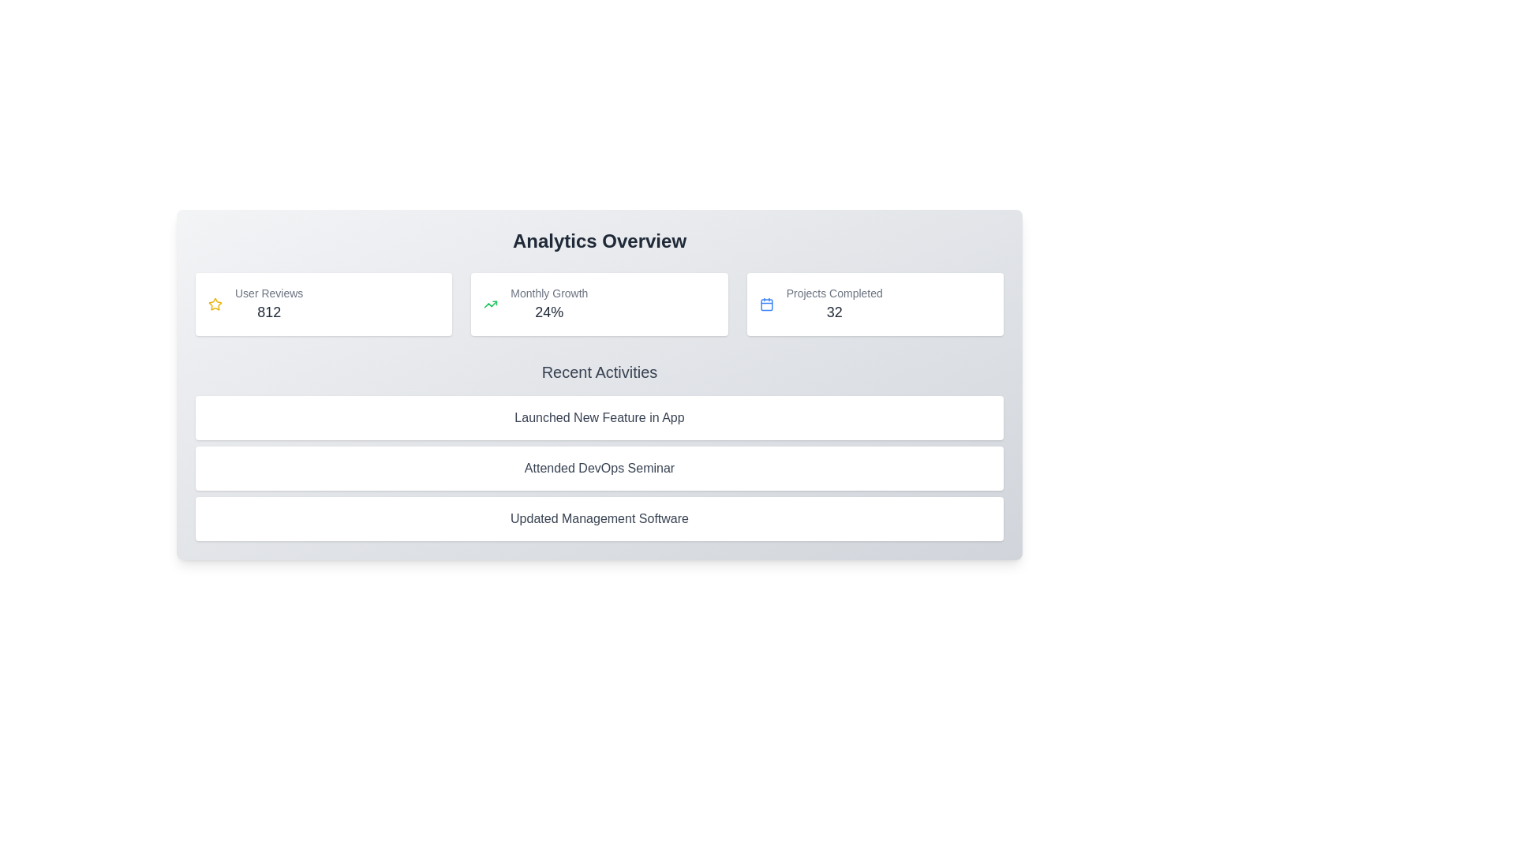  What do you see at coordinates (490, 304) in the screenshot?
I see `the upward growth trend icon located in the top-center section of the interface within the 'Monthly Growth' card, positioned to the left of the text '24%'` at bounding box center [490, 304].